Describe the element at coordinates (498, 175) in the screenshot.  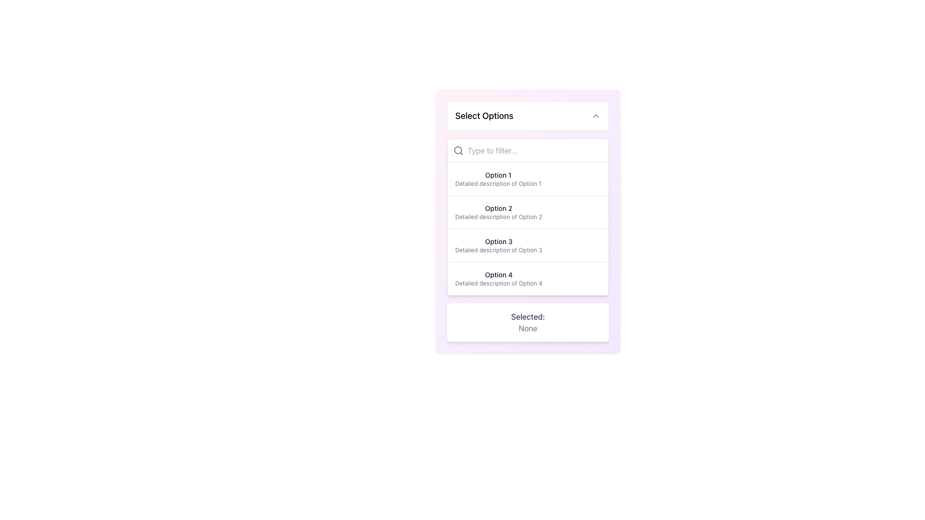
I see `the text label displaying 'Option 1'` at that location.